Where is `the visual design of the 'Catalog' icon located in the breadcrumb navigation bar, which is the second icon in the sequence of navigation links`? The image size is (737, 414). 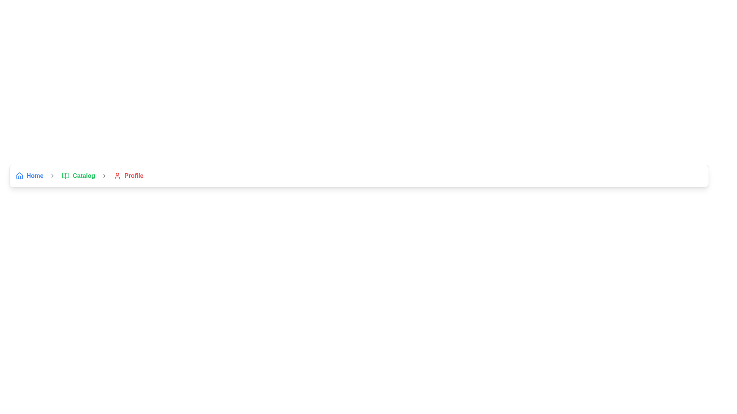 the visual design of the 'Catalog' icon located in the breadcrumb navigation bar, which is the second icon in the sequence of navigation links is located at coordinates (66, 176).